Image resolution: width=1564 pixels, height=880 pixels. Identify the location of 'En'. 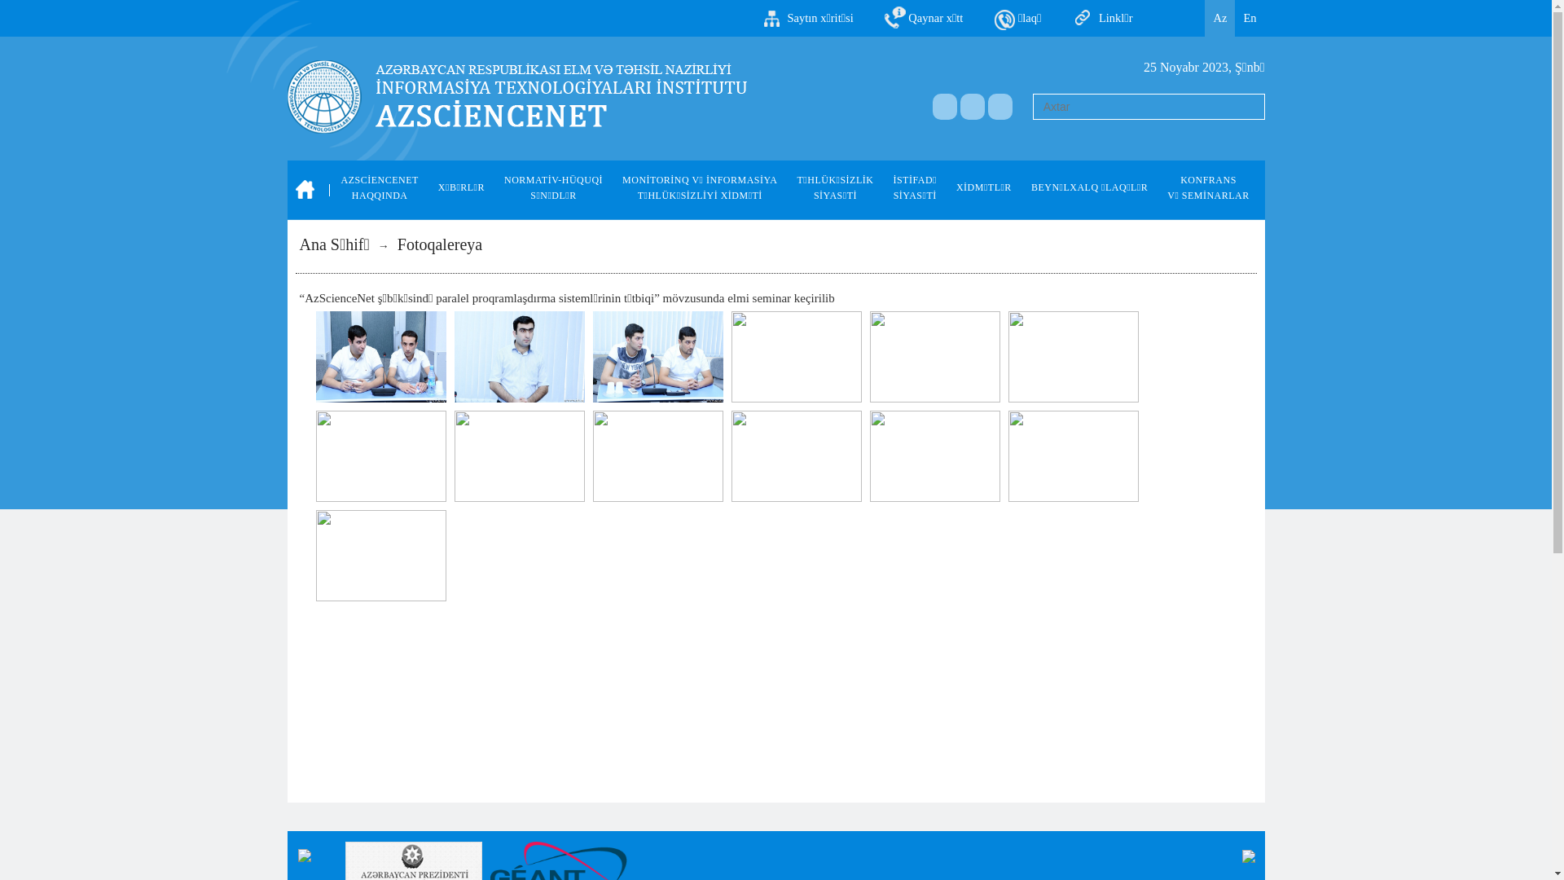
(1249, 18).